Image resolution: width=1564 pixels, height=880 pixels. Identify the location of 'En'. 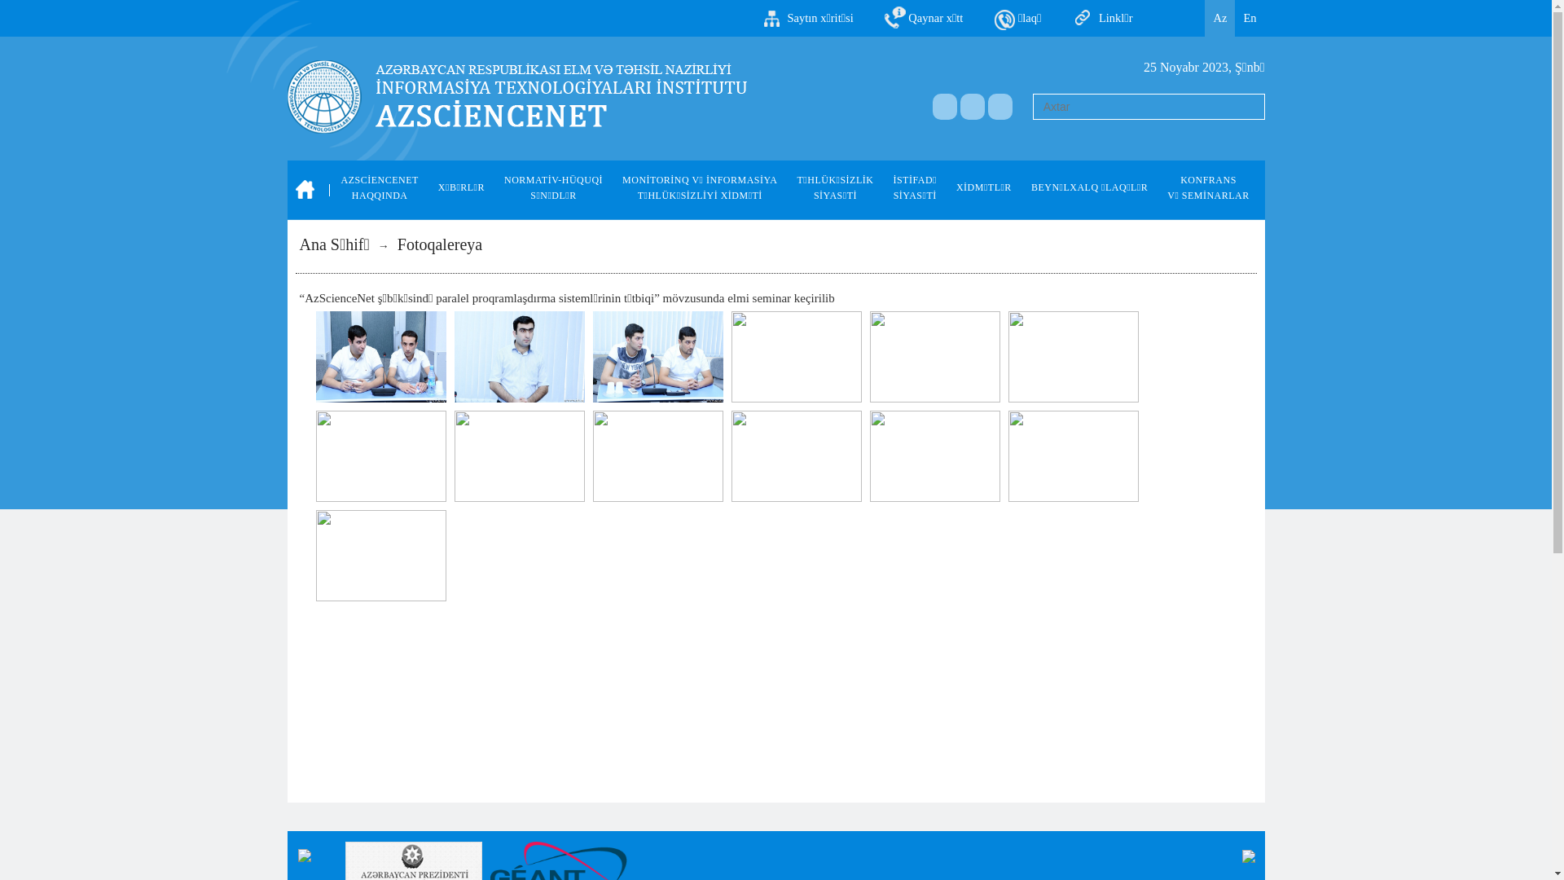
(1249, 18).